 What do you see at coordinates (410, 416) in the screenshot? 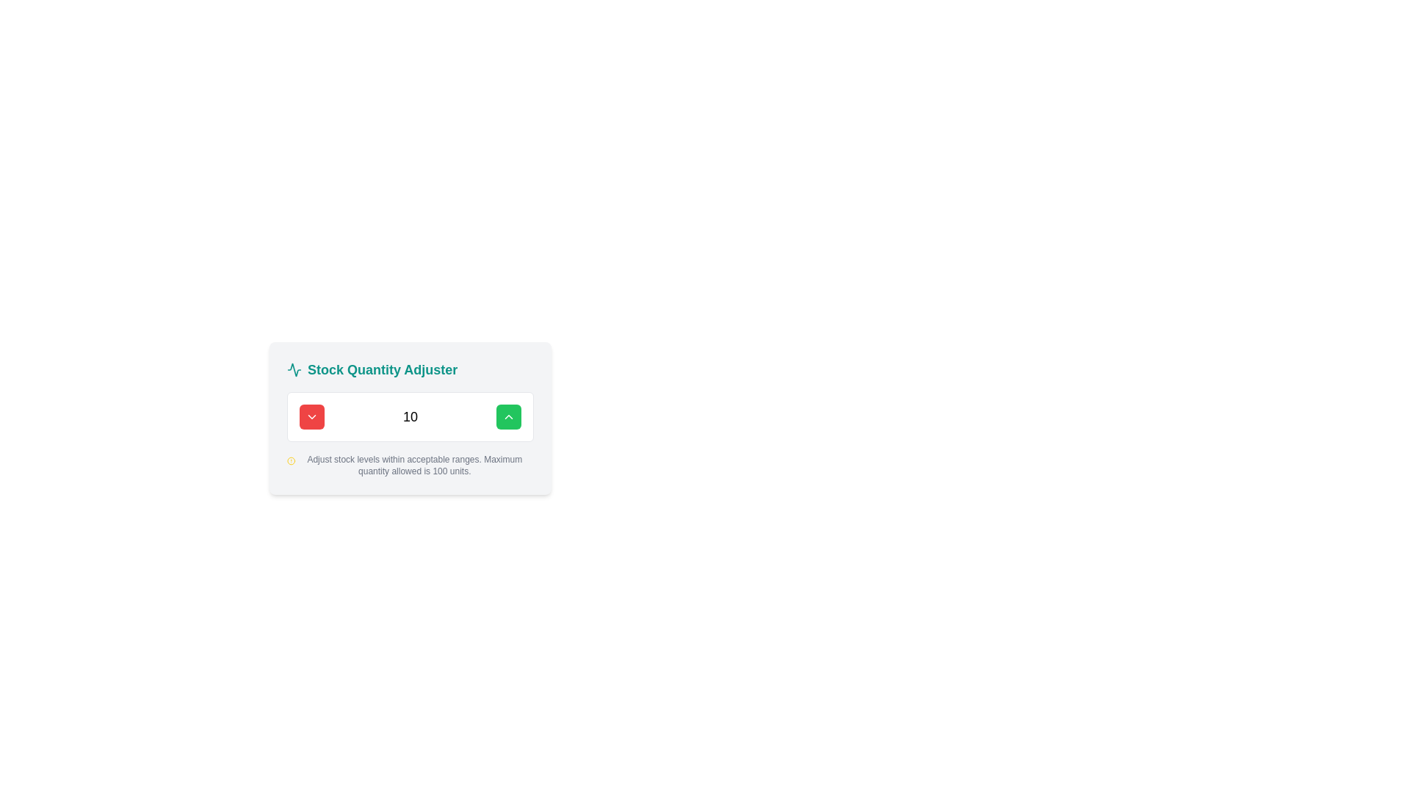
I see `inside the numerical value text input field to focus and enable editing` at bounding box center [410, 416].